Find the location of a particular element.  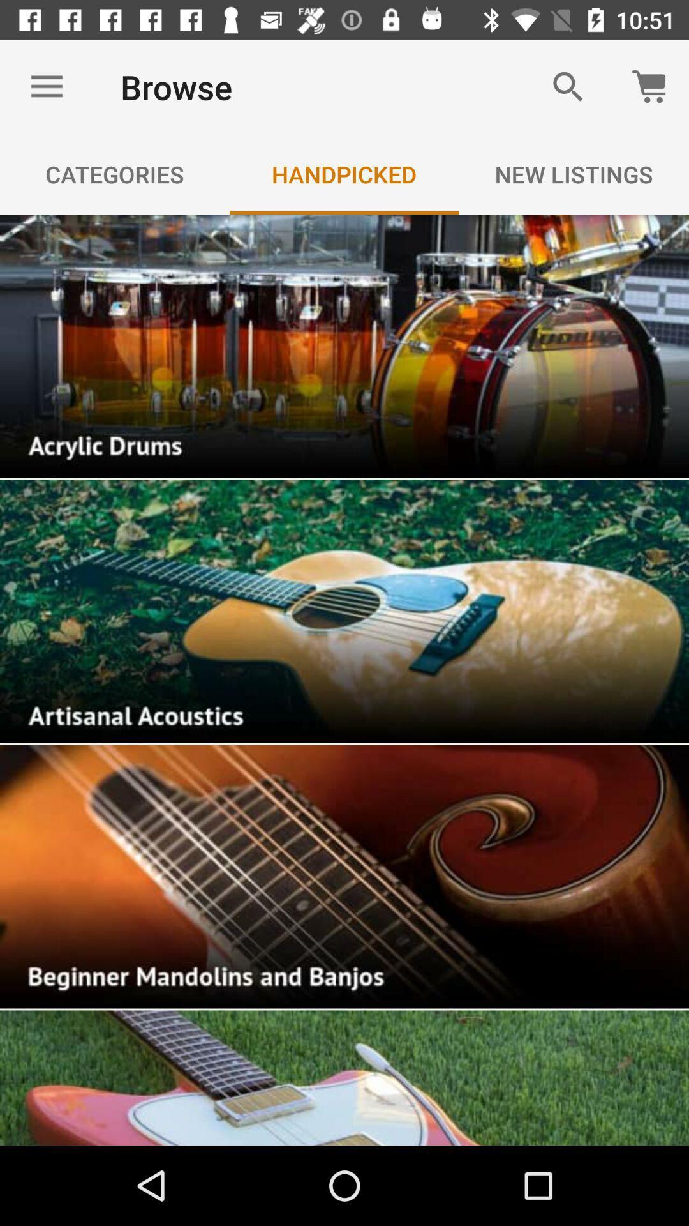

icon next to browse item is located at coordinates (46, 86).